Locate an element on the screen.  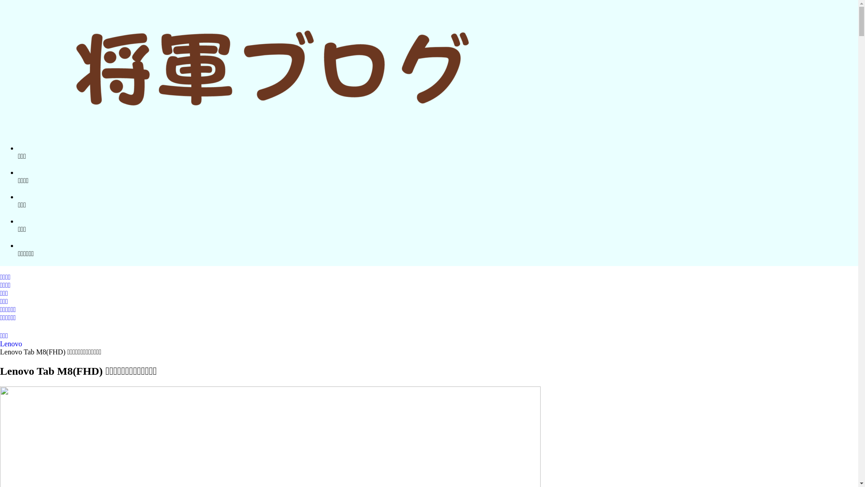
'Lenovo' is located at coordinates (11, 344).